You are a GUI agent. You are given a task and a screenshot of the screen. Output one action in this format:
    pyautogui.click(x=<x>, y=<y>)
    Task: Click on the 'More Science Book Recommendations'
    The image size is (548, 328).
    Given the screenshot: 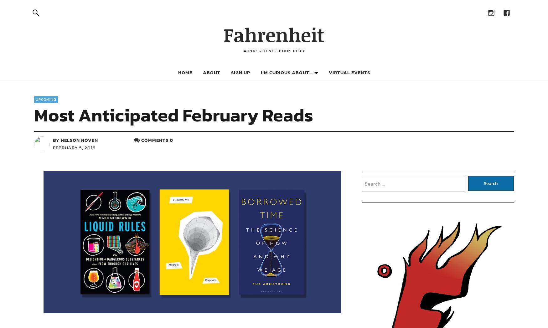 What is the action you would take?
    pyautogui.click(x=405, y=33)
    